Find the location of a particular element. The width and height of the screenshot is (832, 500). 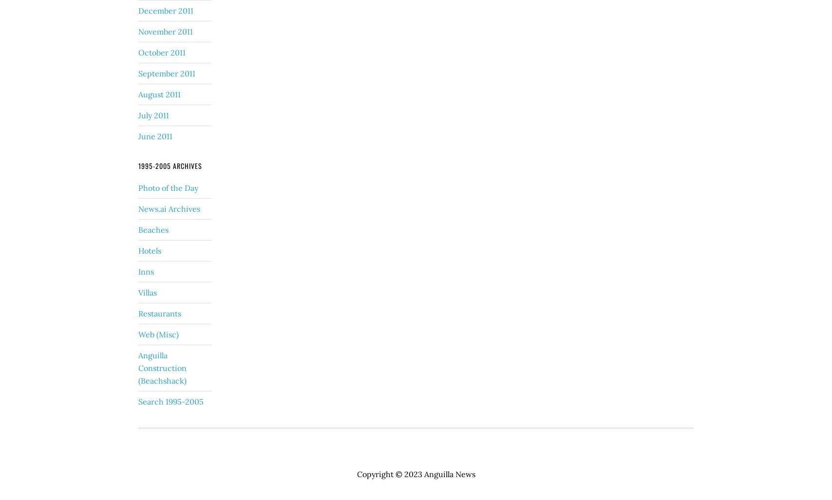

'News.ai Archives' is located at coordinates (138, 208).